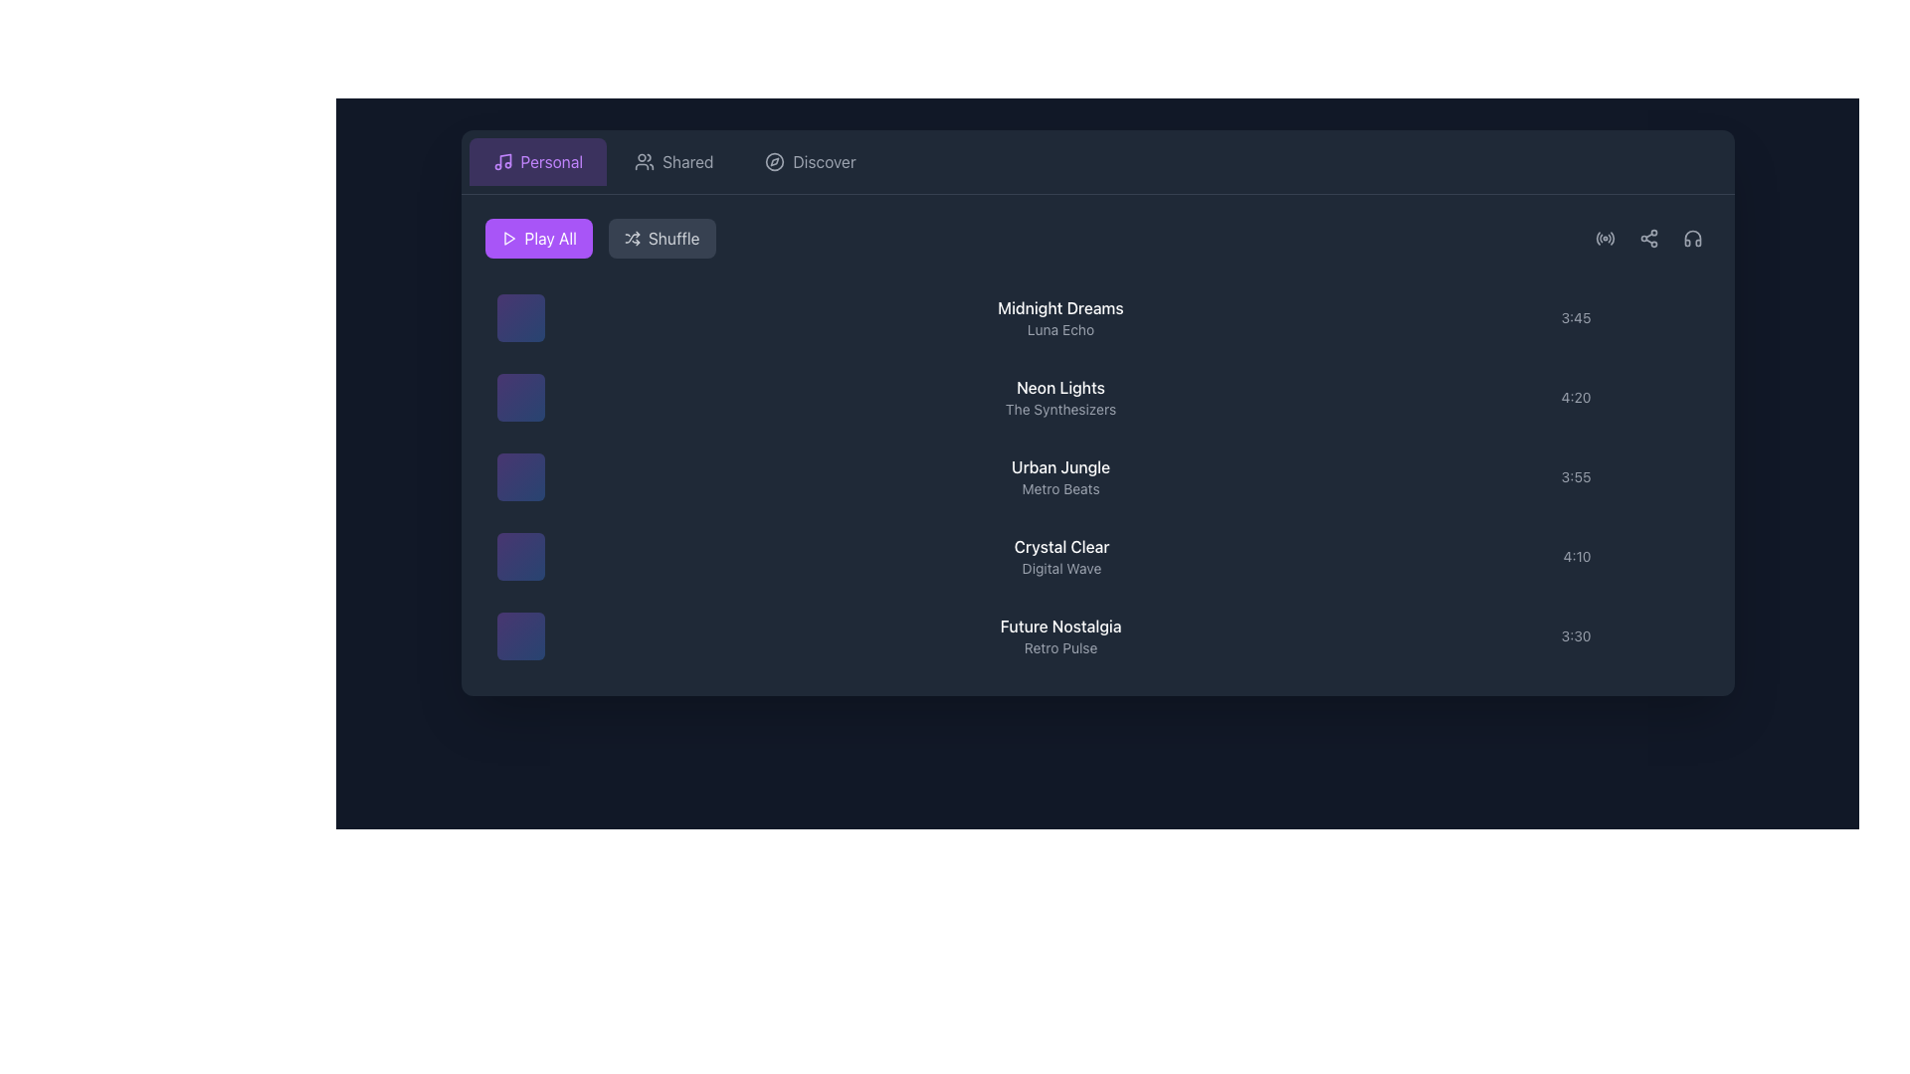  Describe the element at coordinates (631, 237) in the screenshot. I see `the shuffle icon located within the 'Shuffle' button, which is styled with a gray color and is situated at the top center-right of the playback control section` at that location.